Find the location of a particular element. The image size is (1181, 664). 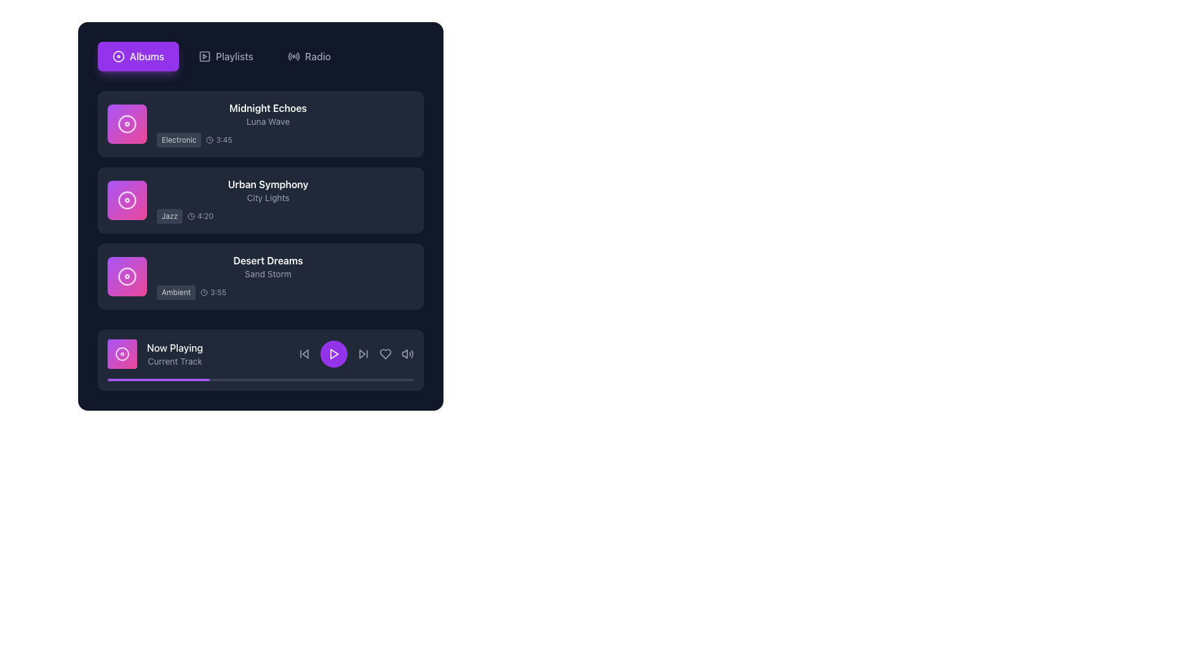

keyboard navigation is located at coordinates (334, 354).